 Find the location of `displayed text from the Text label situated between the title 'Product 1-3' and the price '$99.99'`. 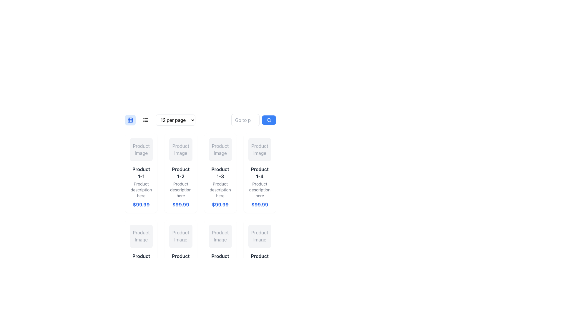

displayed text from the Text label situated between the title 'Product 1-3' and the price '$99.99' is located at coordinates (220, 190).